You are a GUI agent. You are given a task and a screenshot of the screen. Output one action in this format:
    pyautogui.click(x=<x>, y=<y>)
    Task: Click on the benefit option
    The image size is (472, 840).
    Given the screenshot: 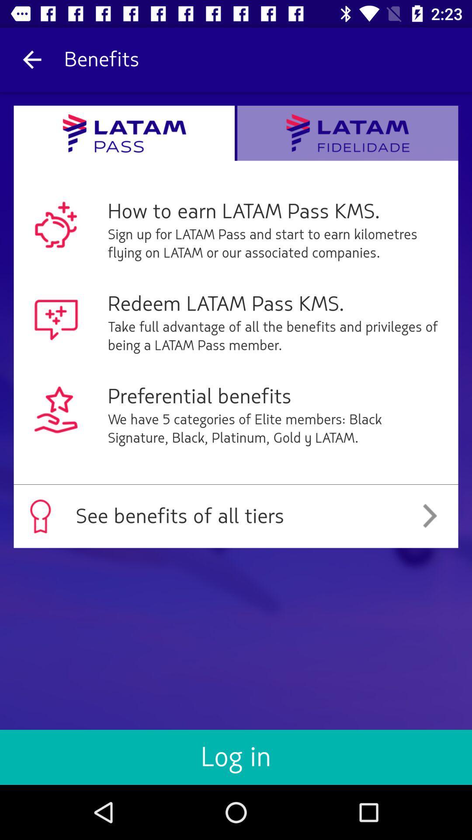 What is the action you would take?
    pyautogui.click(x=347, y=133)
    